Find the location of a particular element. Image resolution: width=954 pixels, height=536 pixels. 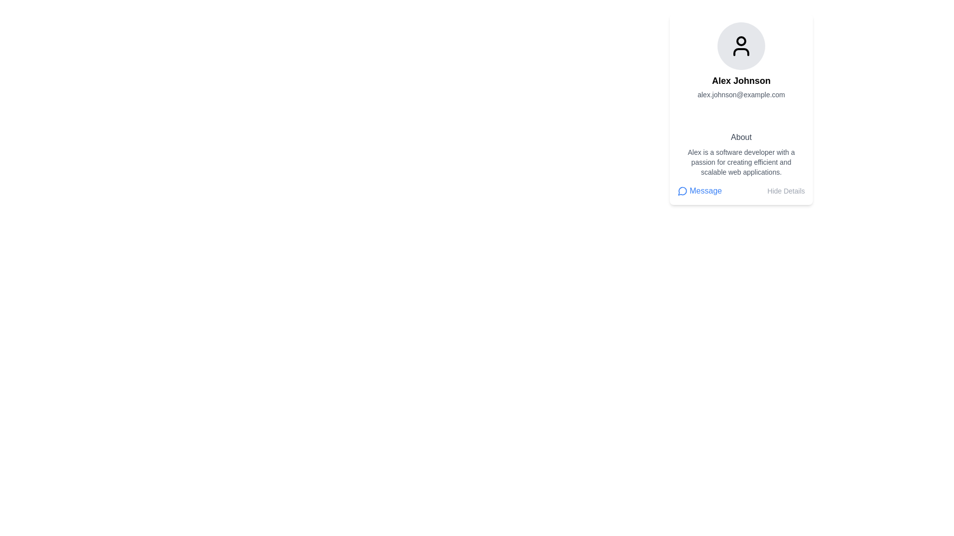

the text label displaying the email address associated with the profile of Alex Johnson, located in the vertical profile card is located at coordinates (741, 95).